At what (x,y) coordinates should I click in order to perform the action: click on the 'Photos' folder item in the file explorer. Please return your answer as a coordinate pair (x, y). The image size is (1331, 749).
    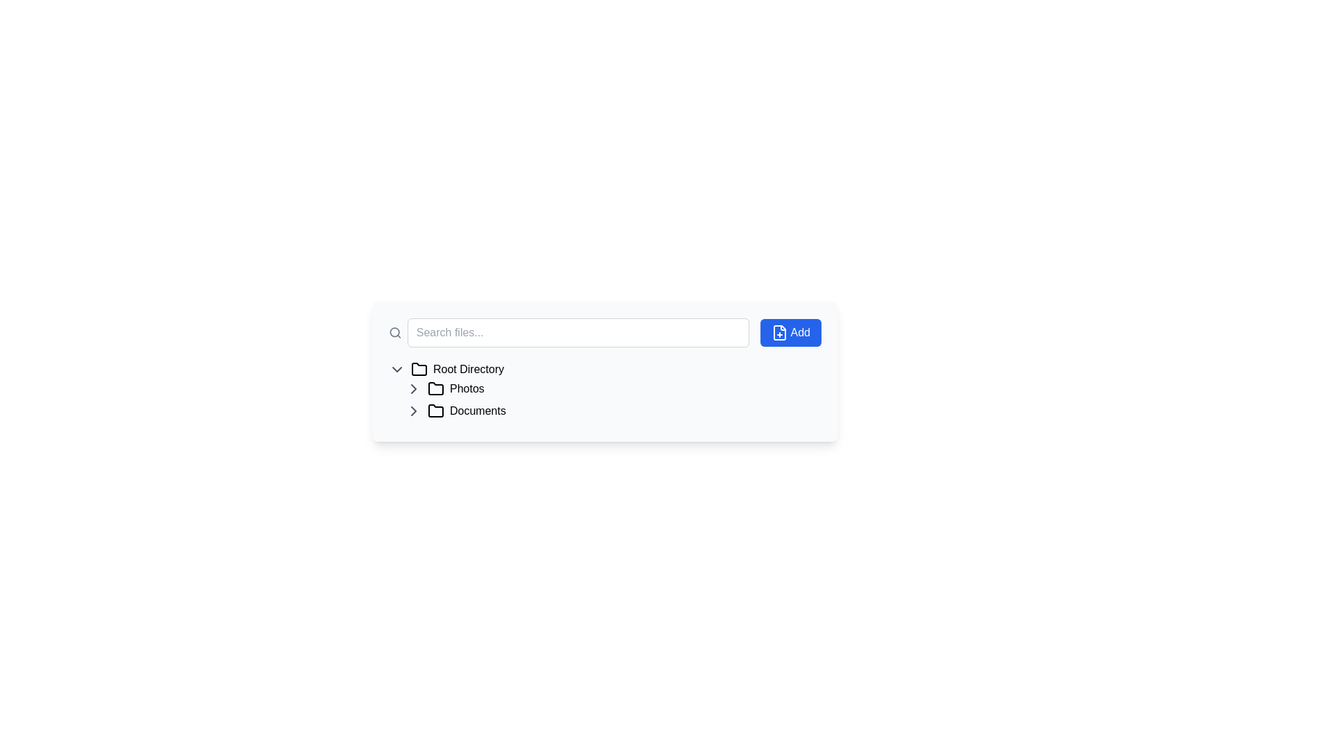
    Looking at the image, I should click on (612, 388).